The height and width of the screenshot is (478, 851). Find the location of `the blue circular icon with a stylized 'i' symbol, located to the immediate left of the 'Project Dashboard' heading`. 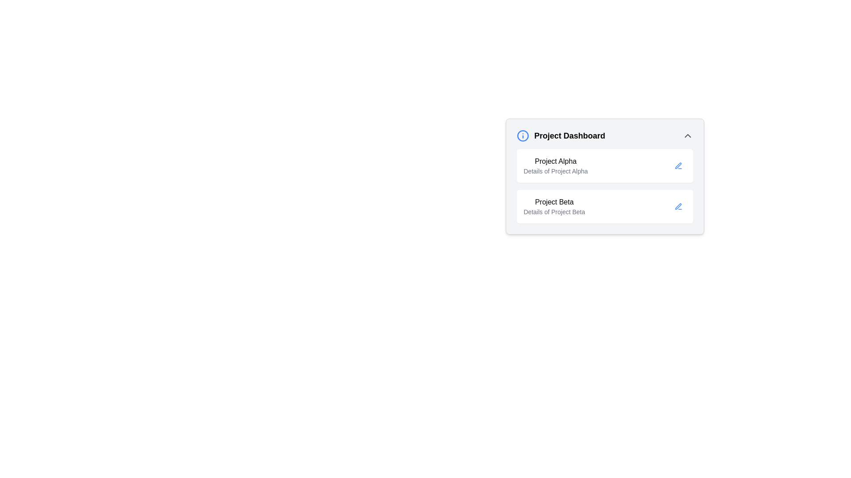

the blue circular icon with a stylized 'i' symbol, located to the immediate left of the 'Project Dashboard' heading is located at coordinates (523, 136).